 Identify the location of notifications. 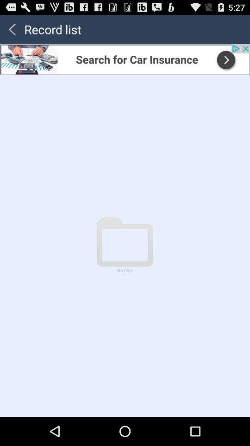
(125, 59).